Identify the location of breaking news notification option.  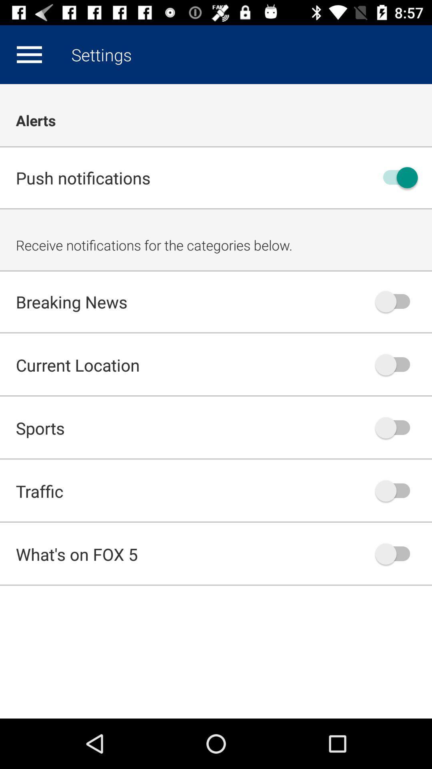
(396, 301).